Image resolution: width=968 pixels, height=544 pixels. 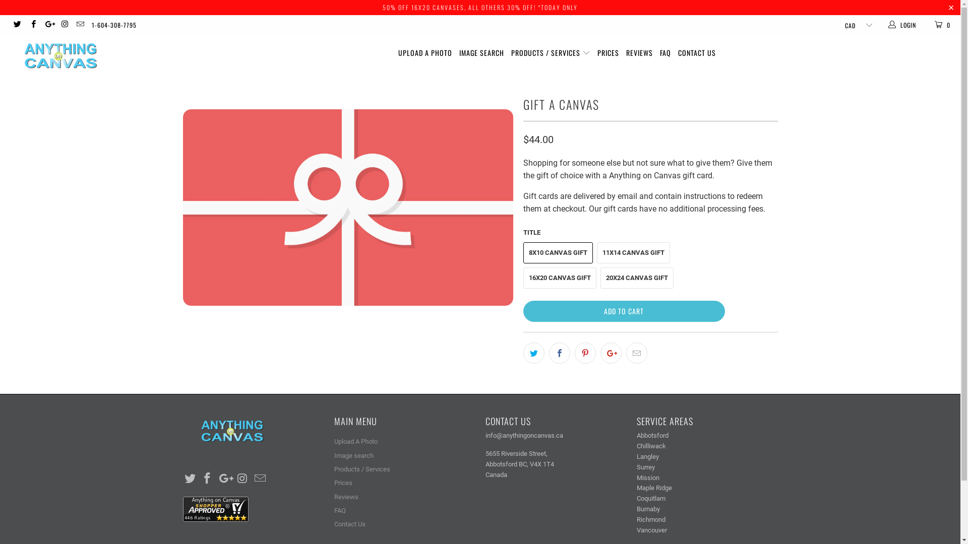 What do you see at coordinates (523, 353) in the screenshot?
I see `'Share this on Twitter'` at bounding box center [523, 353].